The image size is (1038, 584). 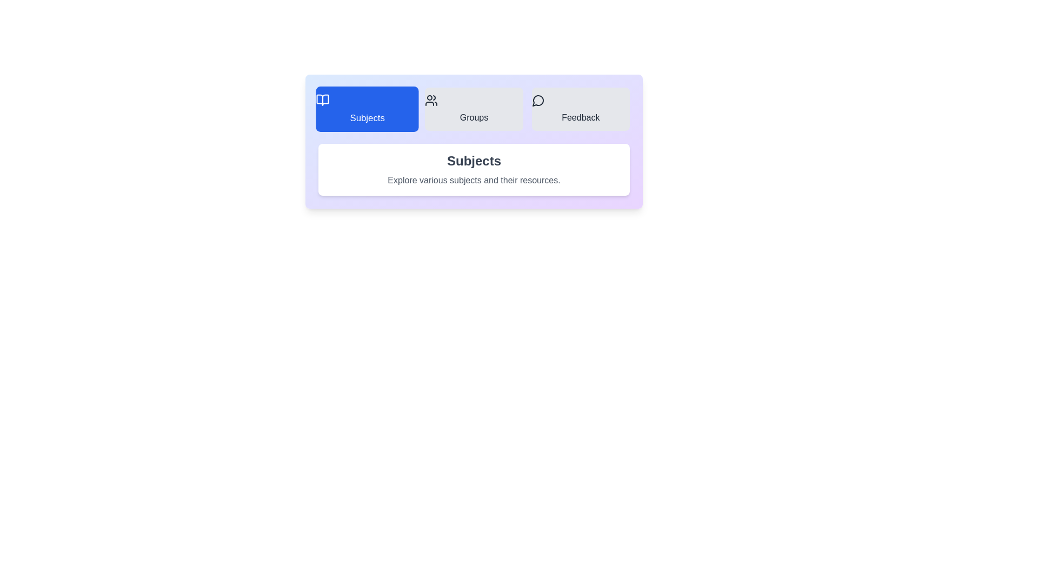 I want to click on the tab labeled 'Feedback' to switch to it, so click(x=580, y=109).